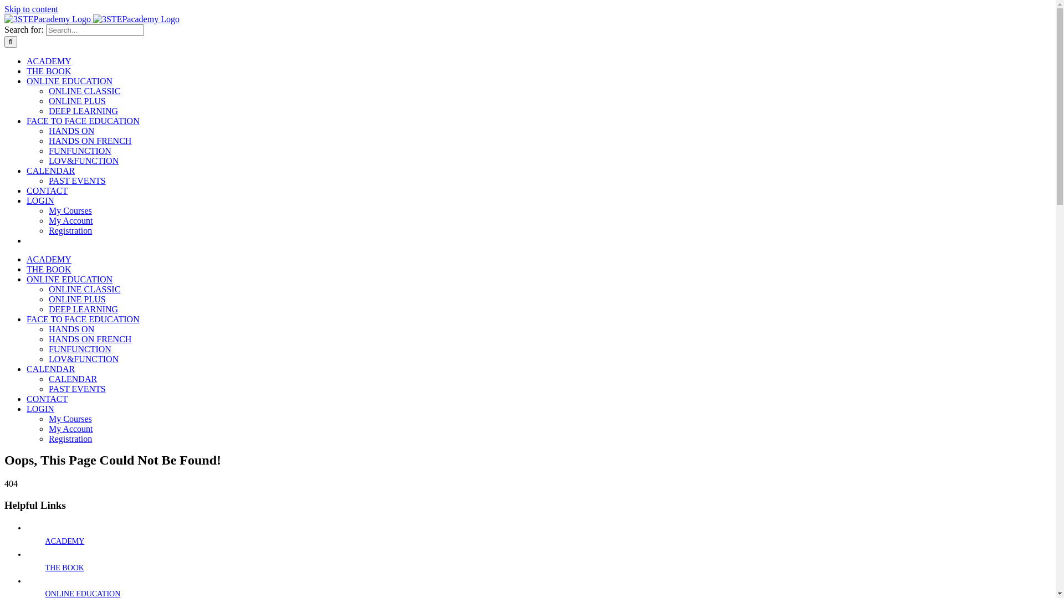  Describe the element at coordinates (64, 540) in the screenshot. I see `'ACADEMY'` at that location.